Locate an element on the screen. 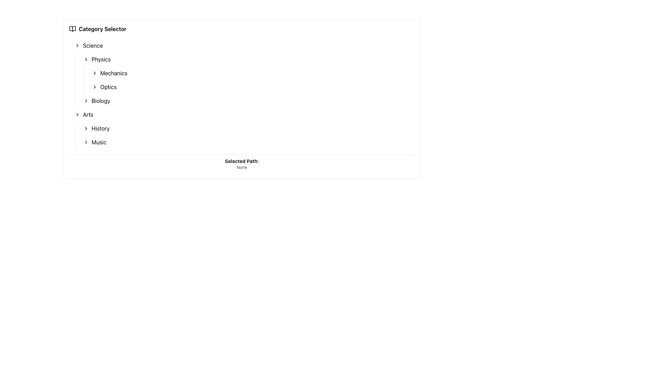 Image resolution: width=664 pixels, height=373 pixels. the bold text label displaying 'Category Selector' located at the top of the interface, positioned to the right of an open book icon is located at coordinates (102, 29).